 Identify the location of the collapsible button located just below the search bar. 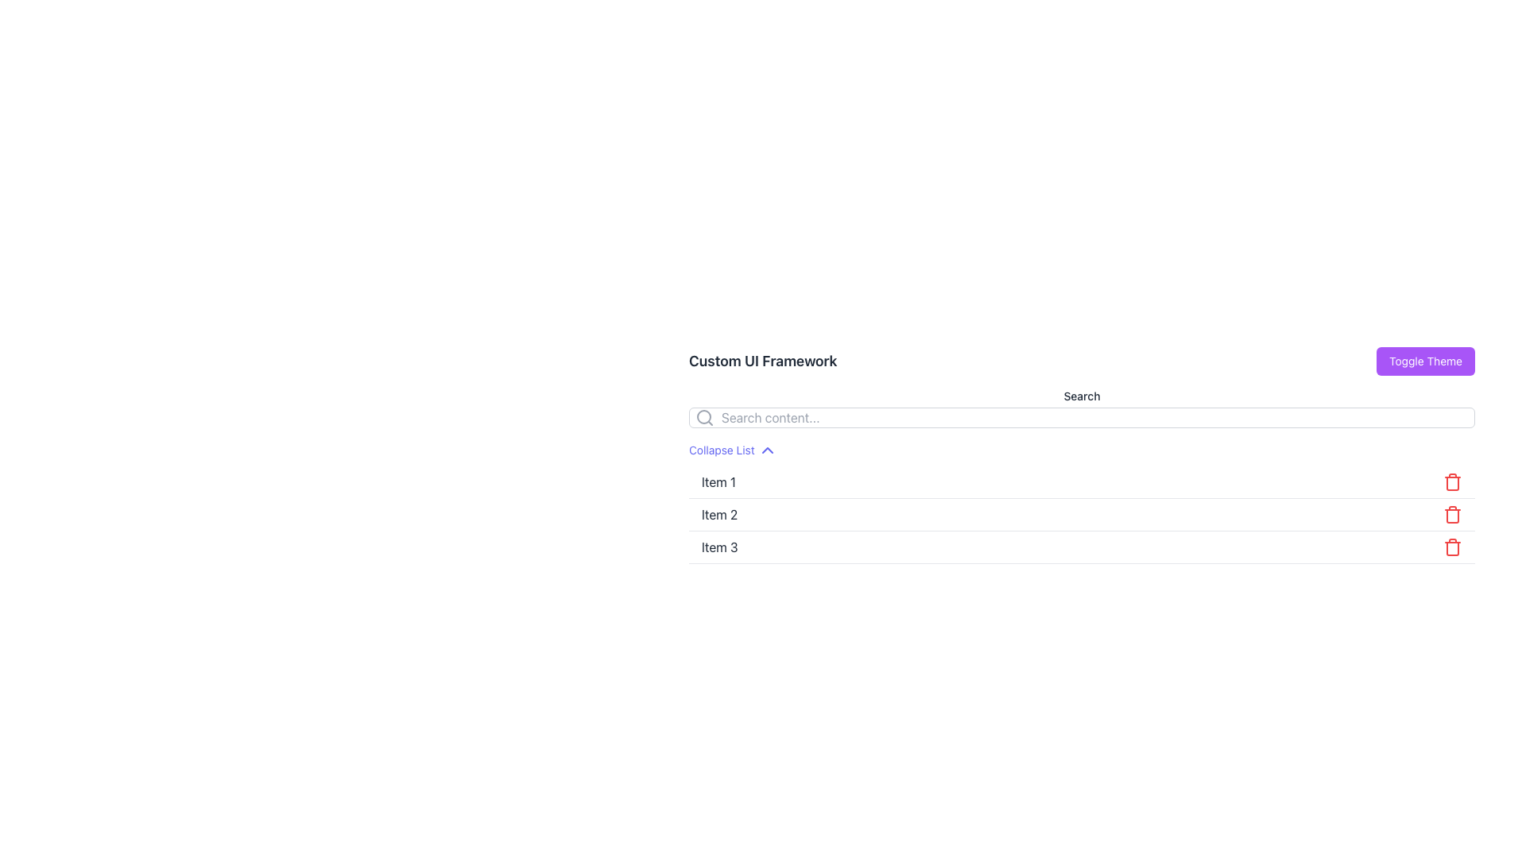
(731, 450).